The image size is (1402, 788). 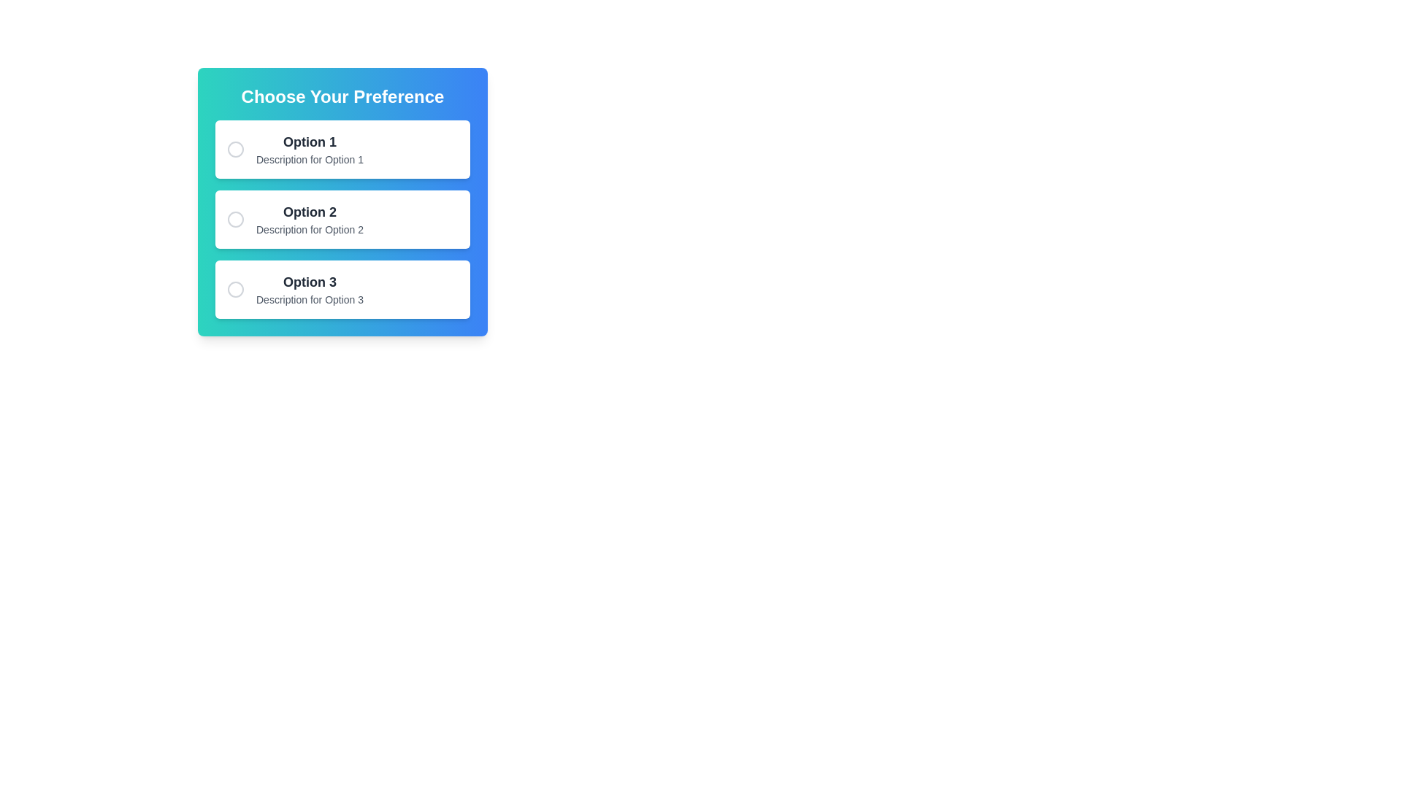 I want to click on the selectable option labeled 'Option 2' with a white background and rounded corners, so click(x=342, y=219).